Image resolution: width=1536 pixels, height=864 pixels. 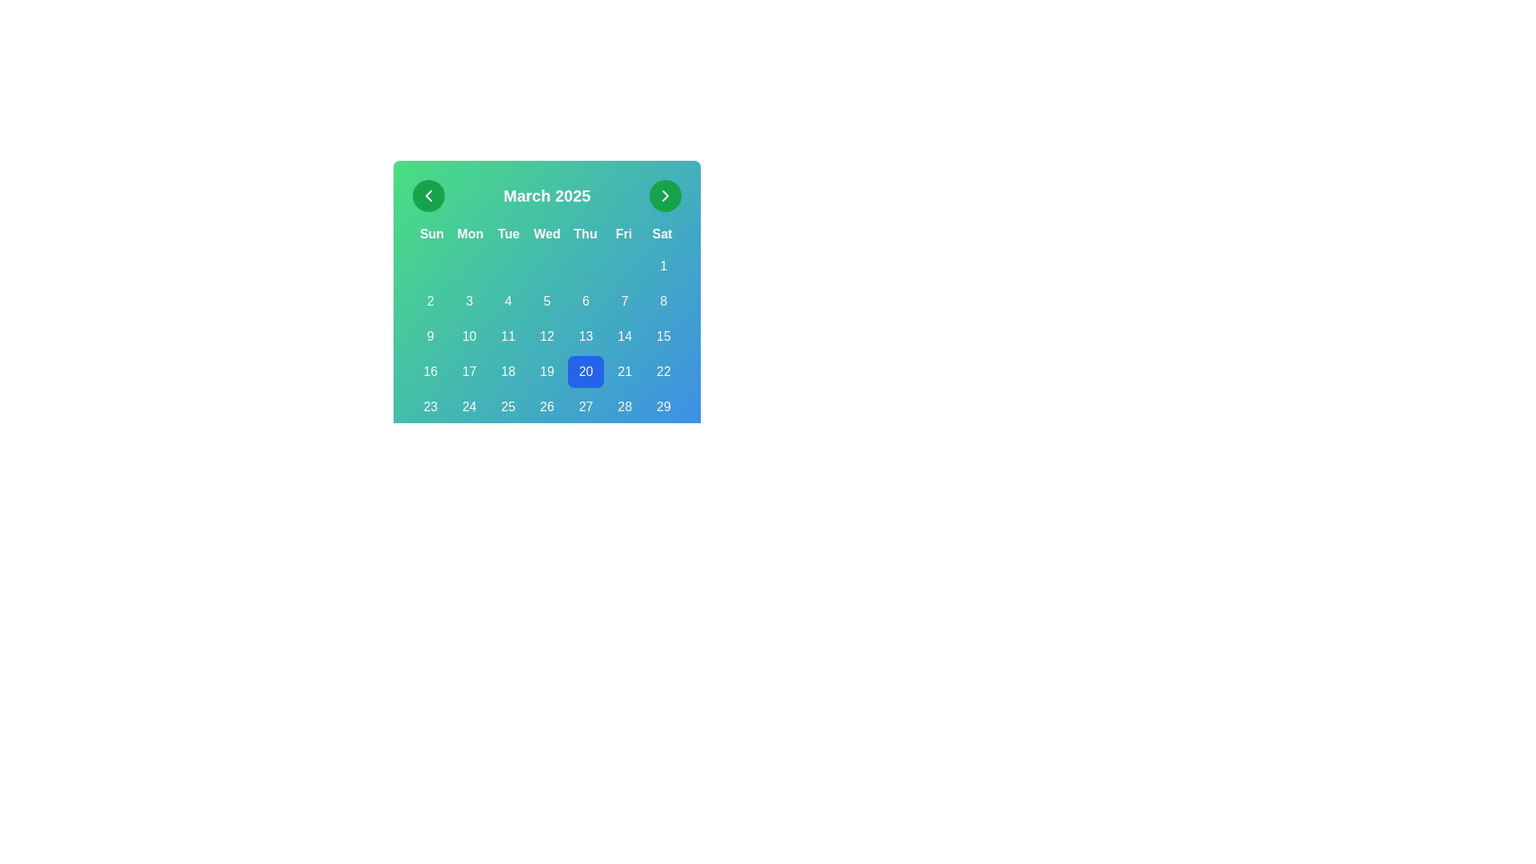 What do you see at coordinates (547, 282) in the screenshot?
I see `the date within the Interactive calendar widget` at bounding box center [547, 282].